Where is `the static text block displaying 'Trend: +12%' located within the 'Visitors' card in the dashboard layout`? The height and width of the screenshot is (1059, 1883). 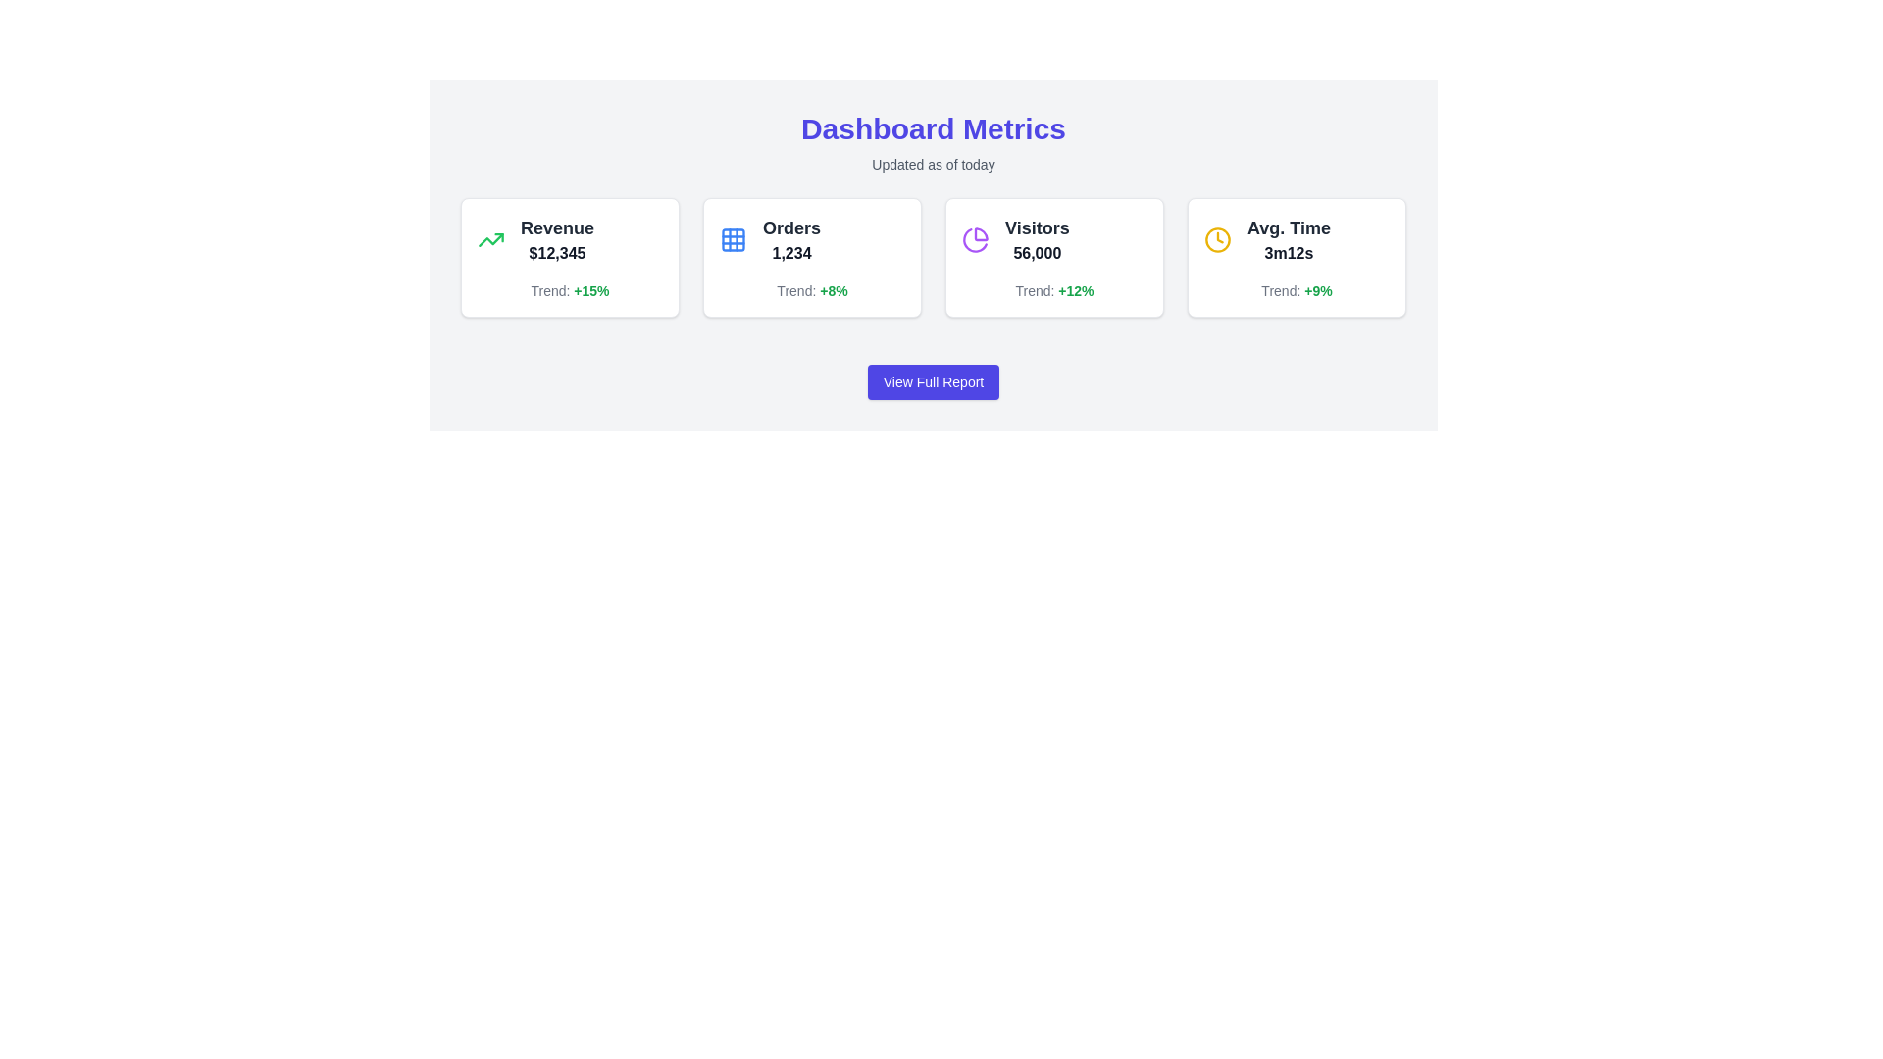 the static text block displaying 'Trend: +12%' located within the 'Visitors' card in the dashboard layout is located at coordinates (1053, 291).